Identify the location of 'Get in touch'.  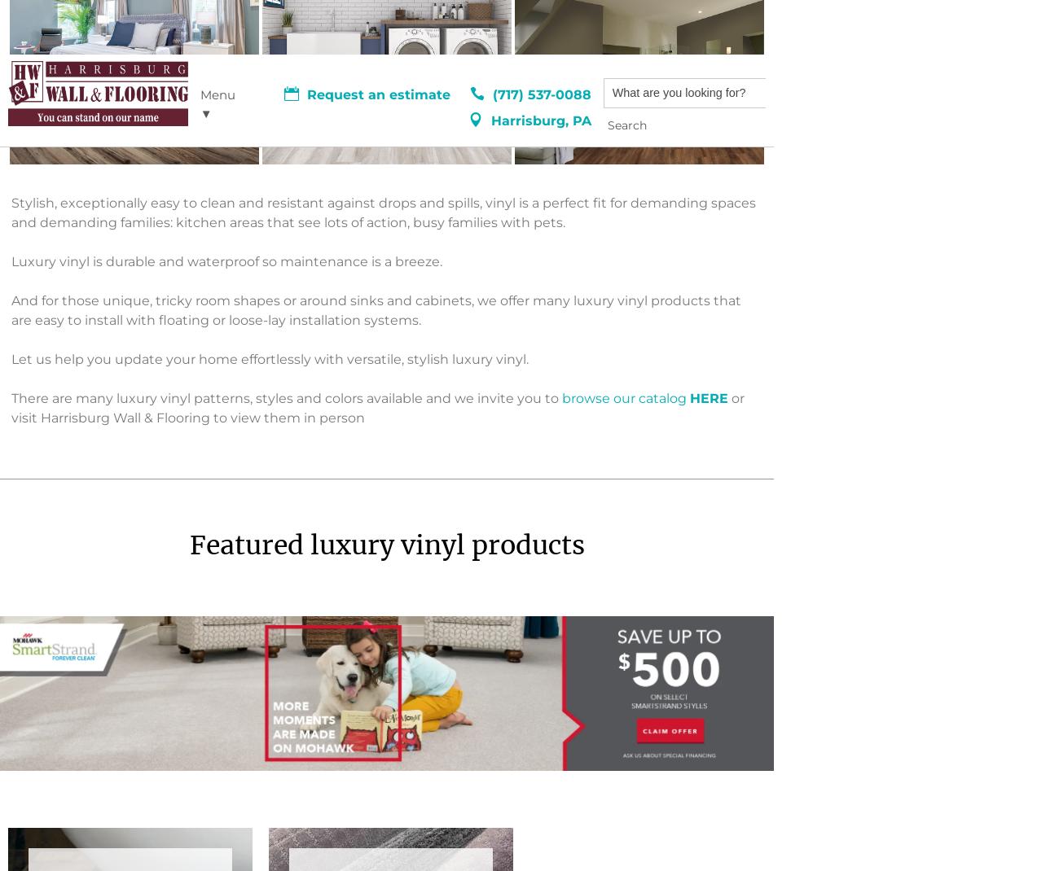
(376, 603).